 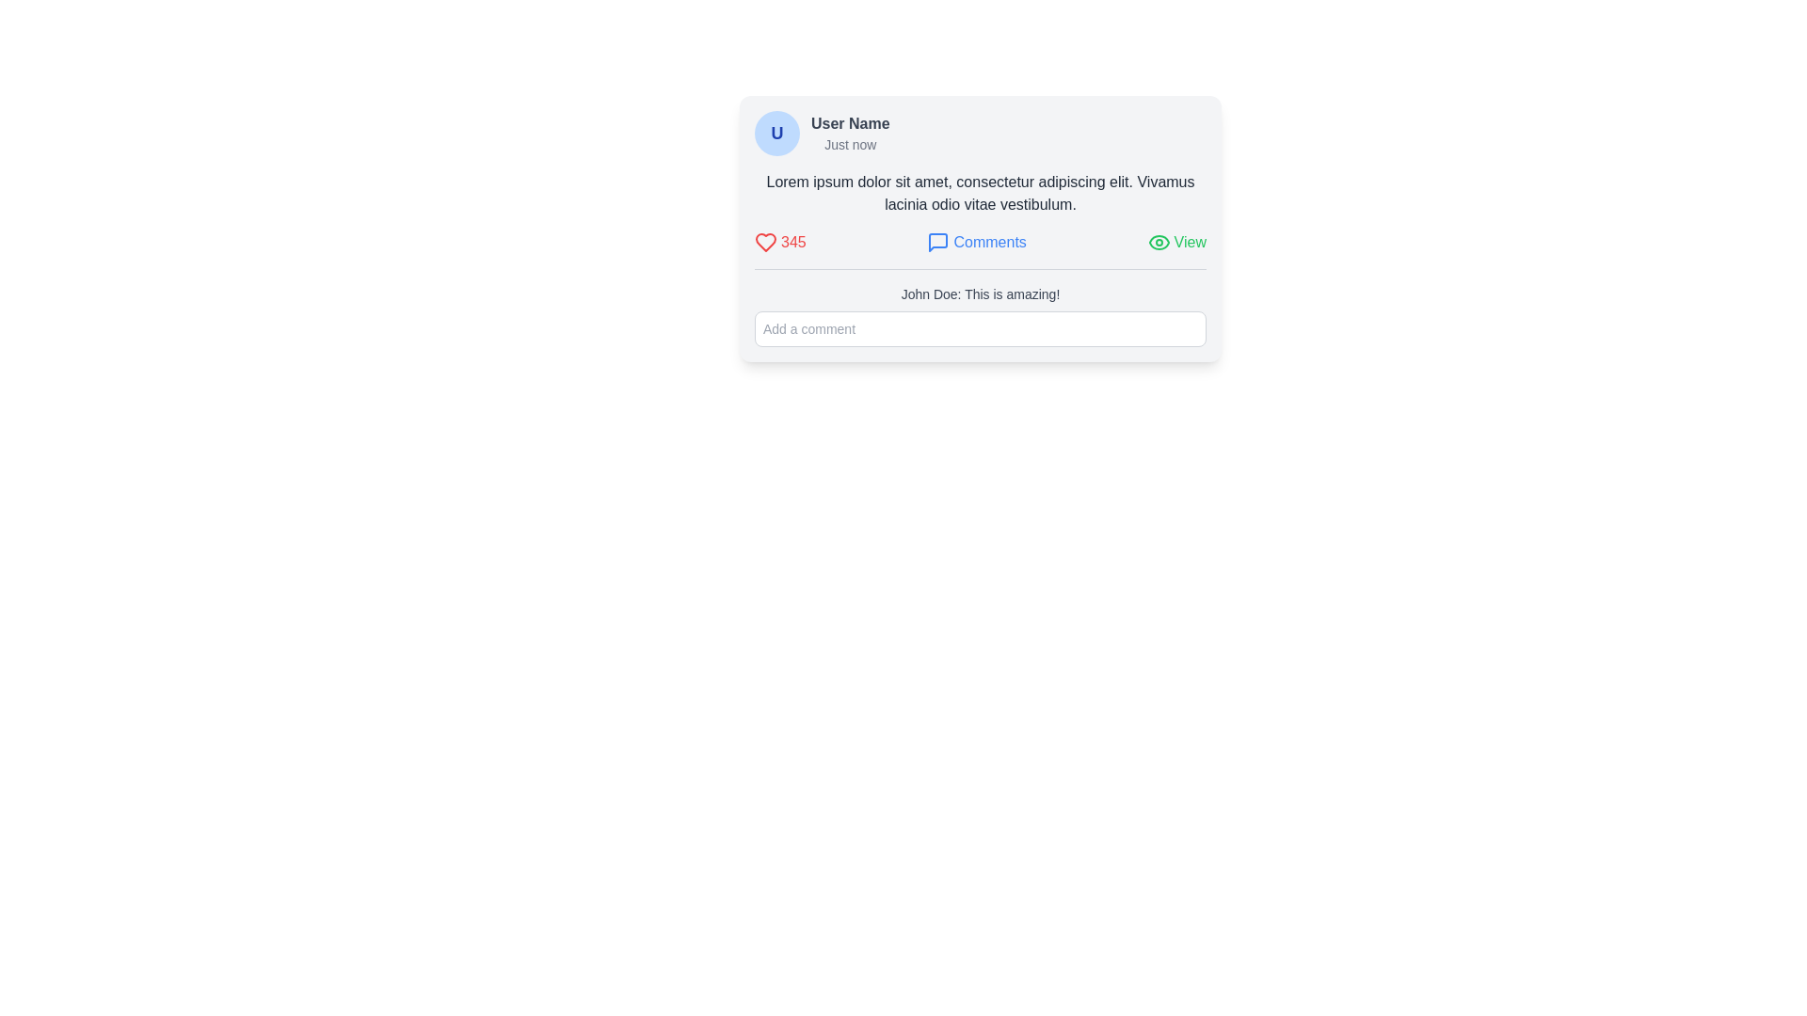 I want to click on the numerical text '345' displayed in red, which is styled in a bold font and aligned with a heart-like icon on its left side for potential interaction or navigation, so click(x=793, y=242).